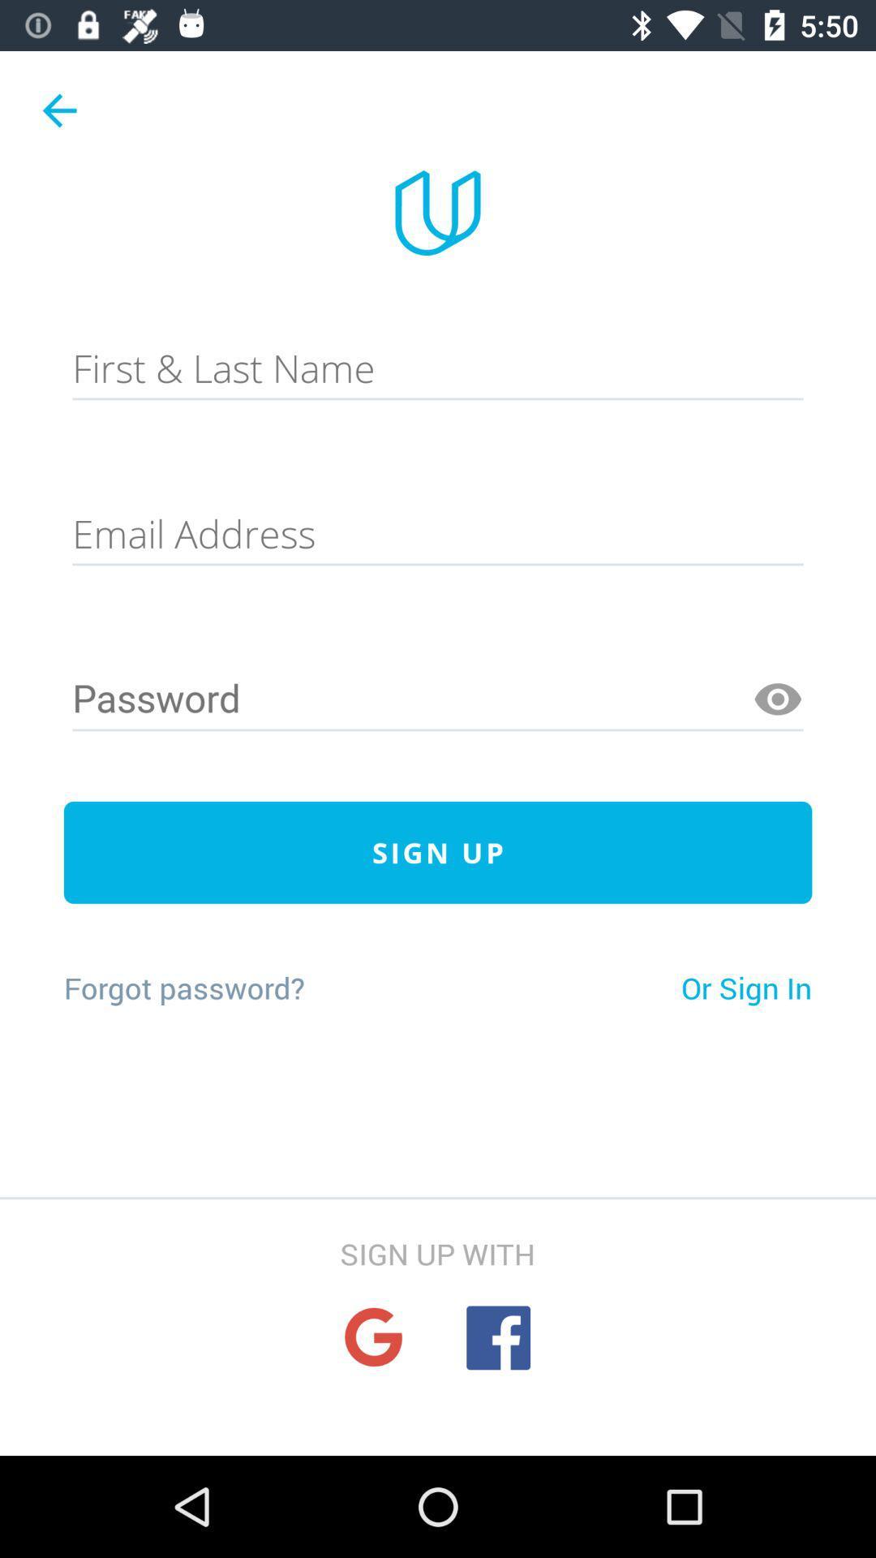 The height and width of the screenshot is (1558, 876). I want to click on the forgot password? item, so click(183, 987).